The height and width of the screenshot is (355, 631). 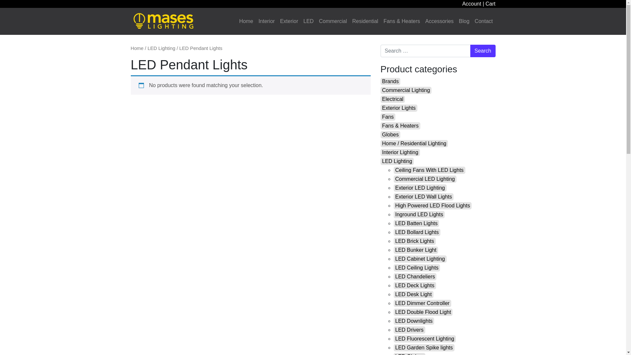 What do you see at coordinates (490, 4) in the screenshot?
I see `'Cart'` at bounding box center [490, 4].